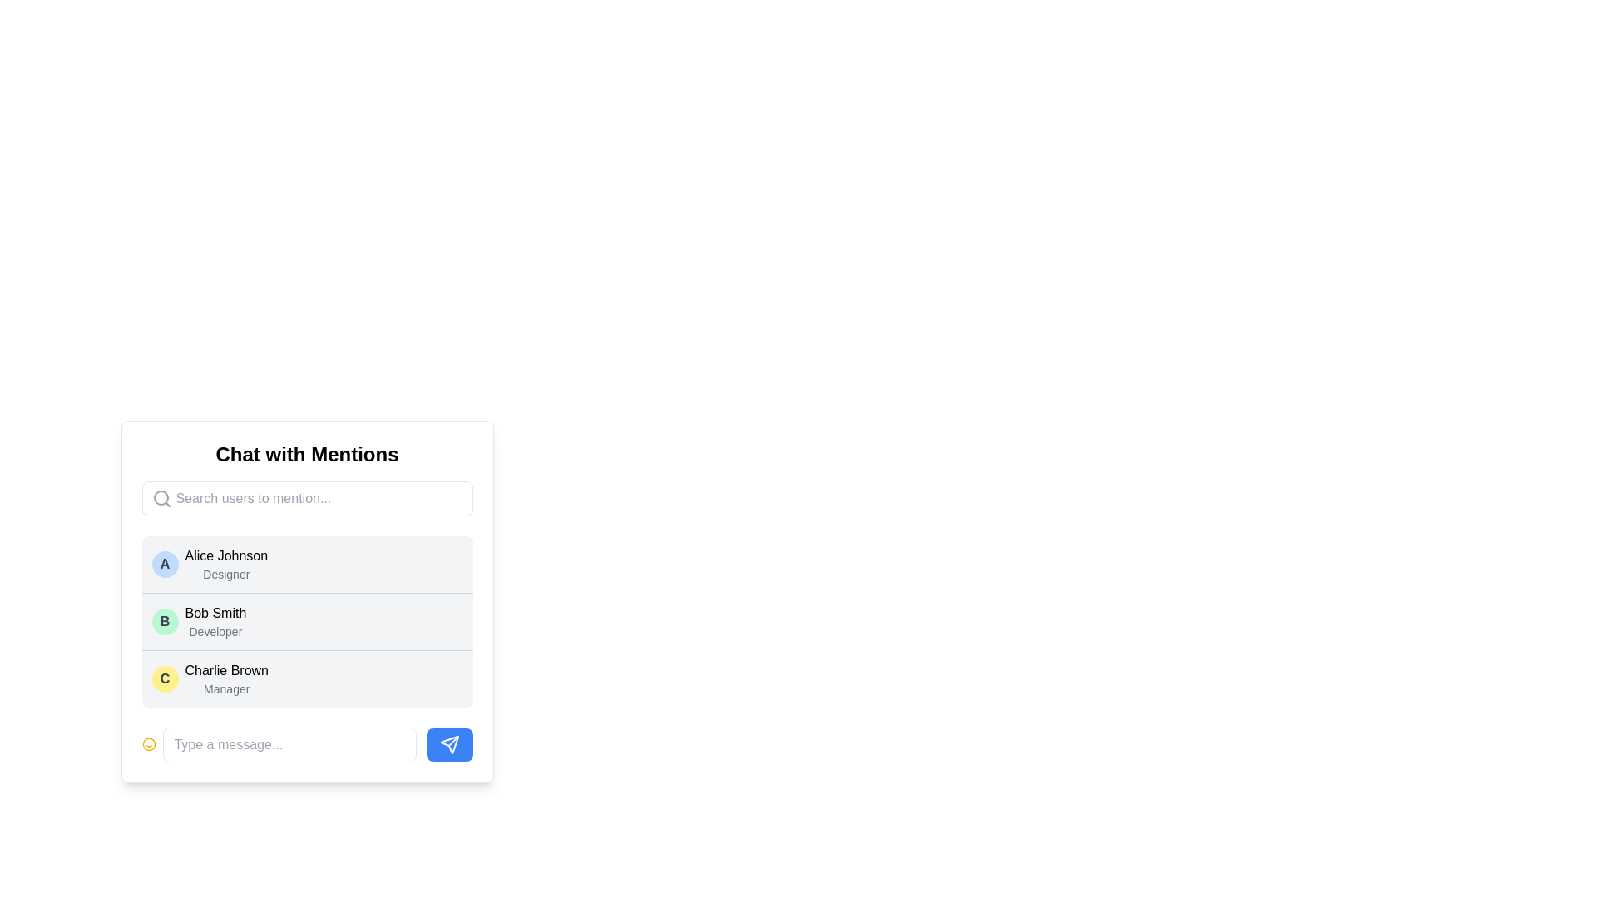 The height and width of the screenshot is (898, 1597). What do you see at coordinates (161, 498) in the screenshot?
I see `the search icon located to the left of the input box with the placeholder text 'Search users to mention...' in the top section of the mention-based chat interface` at bounding box center [161, 498].